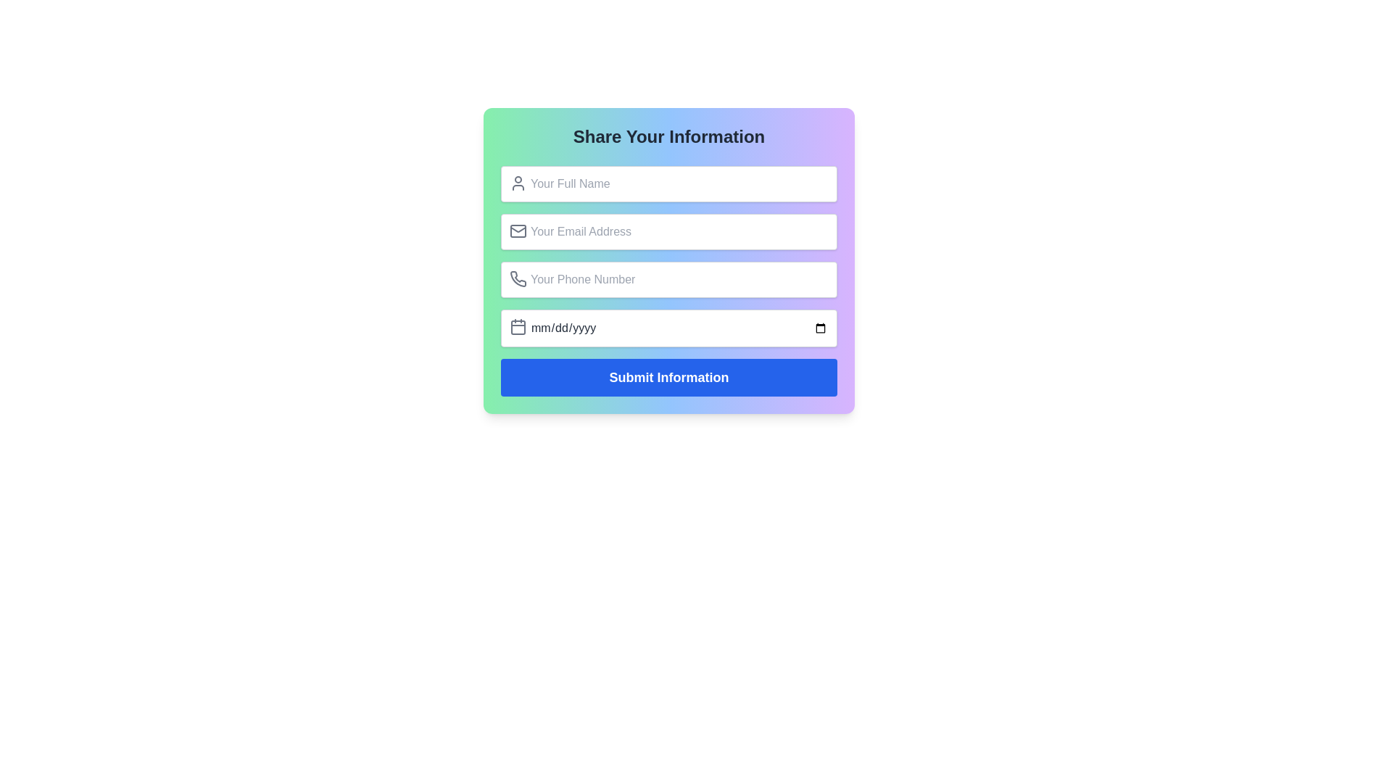 Image resolution: width=1392 pixels, height=783 pixels. What do you see at coordinates (668, 231) in the screenshot?
I see `the email input field located below 'Your Full Name' and above 'Your Phone Number' in the form titled 'Share Your Information'` at bounding box center [668, 231].